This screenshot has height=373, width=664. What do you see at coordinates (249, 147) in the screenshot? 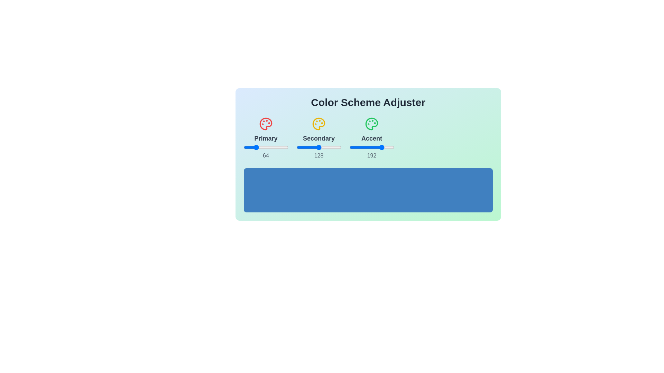
I see `the 1 slider to 29` at bounding box center [249, 147].